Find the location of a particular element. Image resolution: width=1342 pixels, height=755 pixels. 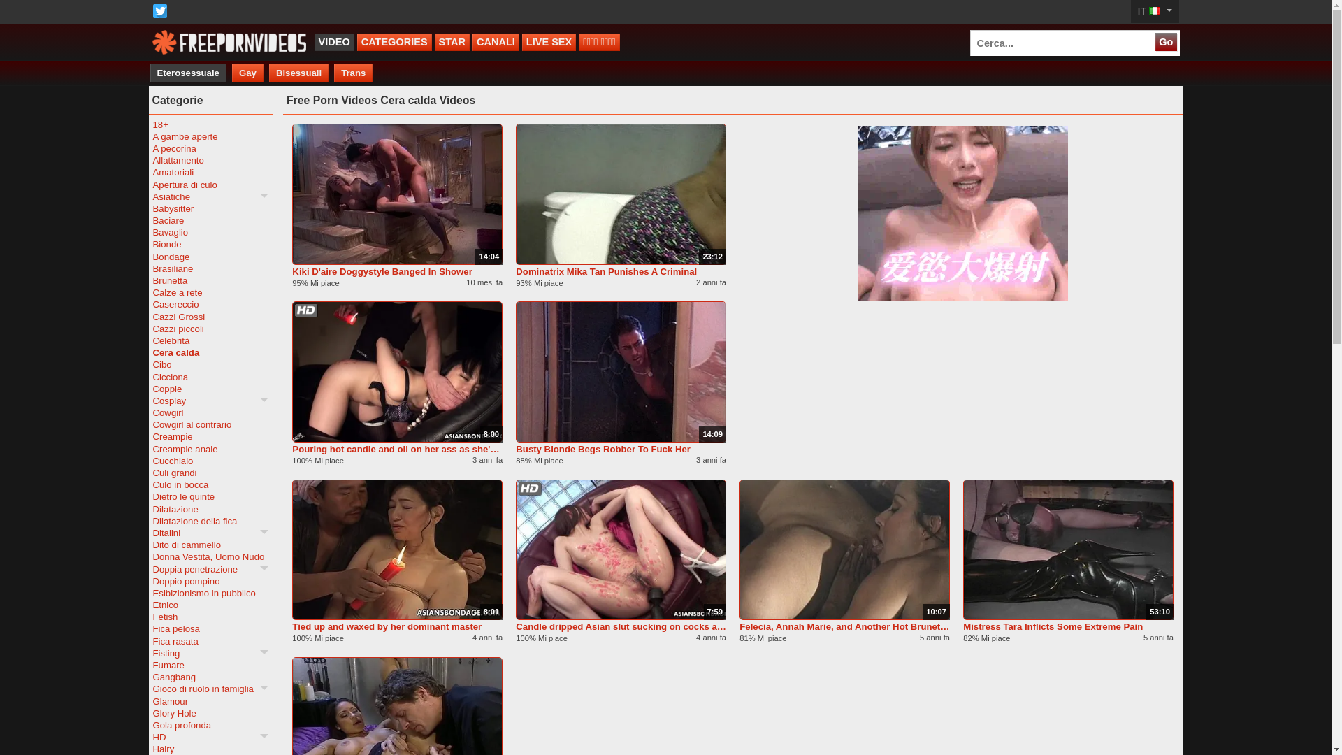

'Tied up and waxed by her dominant master' is located at coordinates (396, 626).